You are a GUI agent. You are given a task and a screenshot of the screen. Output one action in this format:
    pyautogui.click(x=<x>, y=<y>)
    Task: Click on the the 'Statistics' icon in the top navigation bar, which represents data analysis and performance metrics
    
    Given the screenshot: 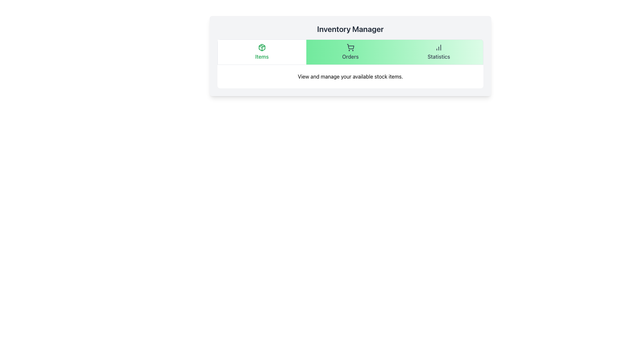 What is the action you would take?
    pyautogui.click(x=439, y=47)
    